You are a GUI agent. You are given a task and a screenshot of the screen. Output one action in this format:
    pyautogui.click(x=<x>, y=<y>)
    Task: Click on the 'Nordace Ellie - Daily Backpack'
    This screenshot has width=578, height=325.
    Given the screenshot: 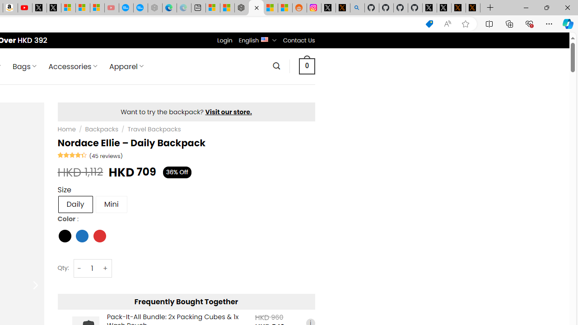 What is the action you would take?
    pyautogui.click(x=256, y=8)
    